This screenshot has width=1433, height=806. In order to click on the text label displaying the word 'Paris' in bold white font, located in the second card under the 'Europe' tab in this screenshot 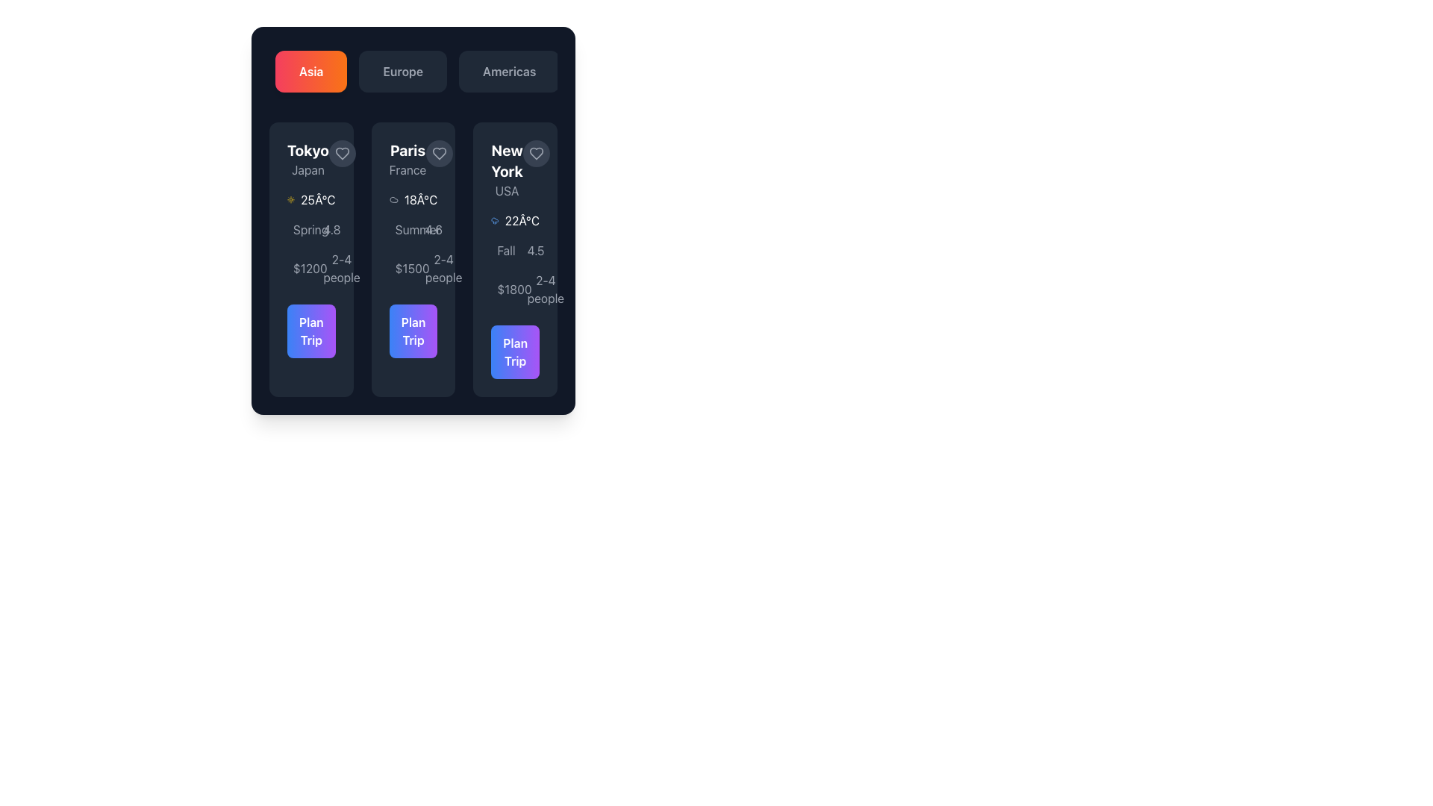, I will do `click(408, 150)`.